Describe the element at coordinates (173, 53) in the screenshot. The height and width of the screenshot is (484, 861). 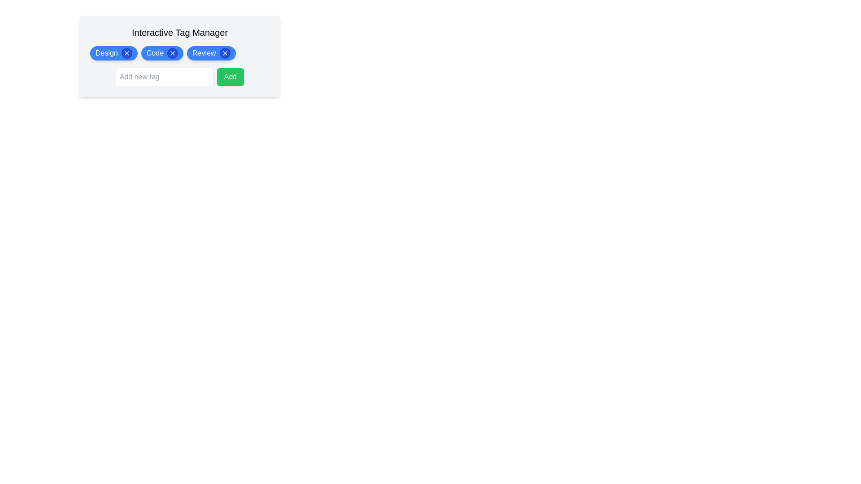
I see `the circular blue button with an 'X' icon located to the right of the 'Code' label, within the 'Code' tag` at that location.